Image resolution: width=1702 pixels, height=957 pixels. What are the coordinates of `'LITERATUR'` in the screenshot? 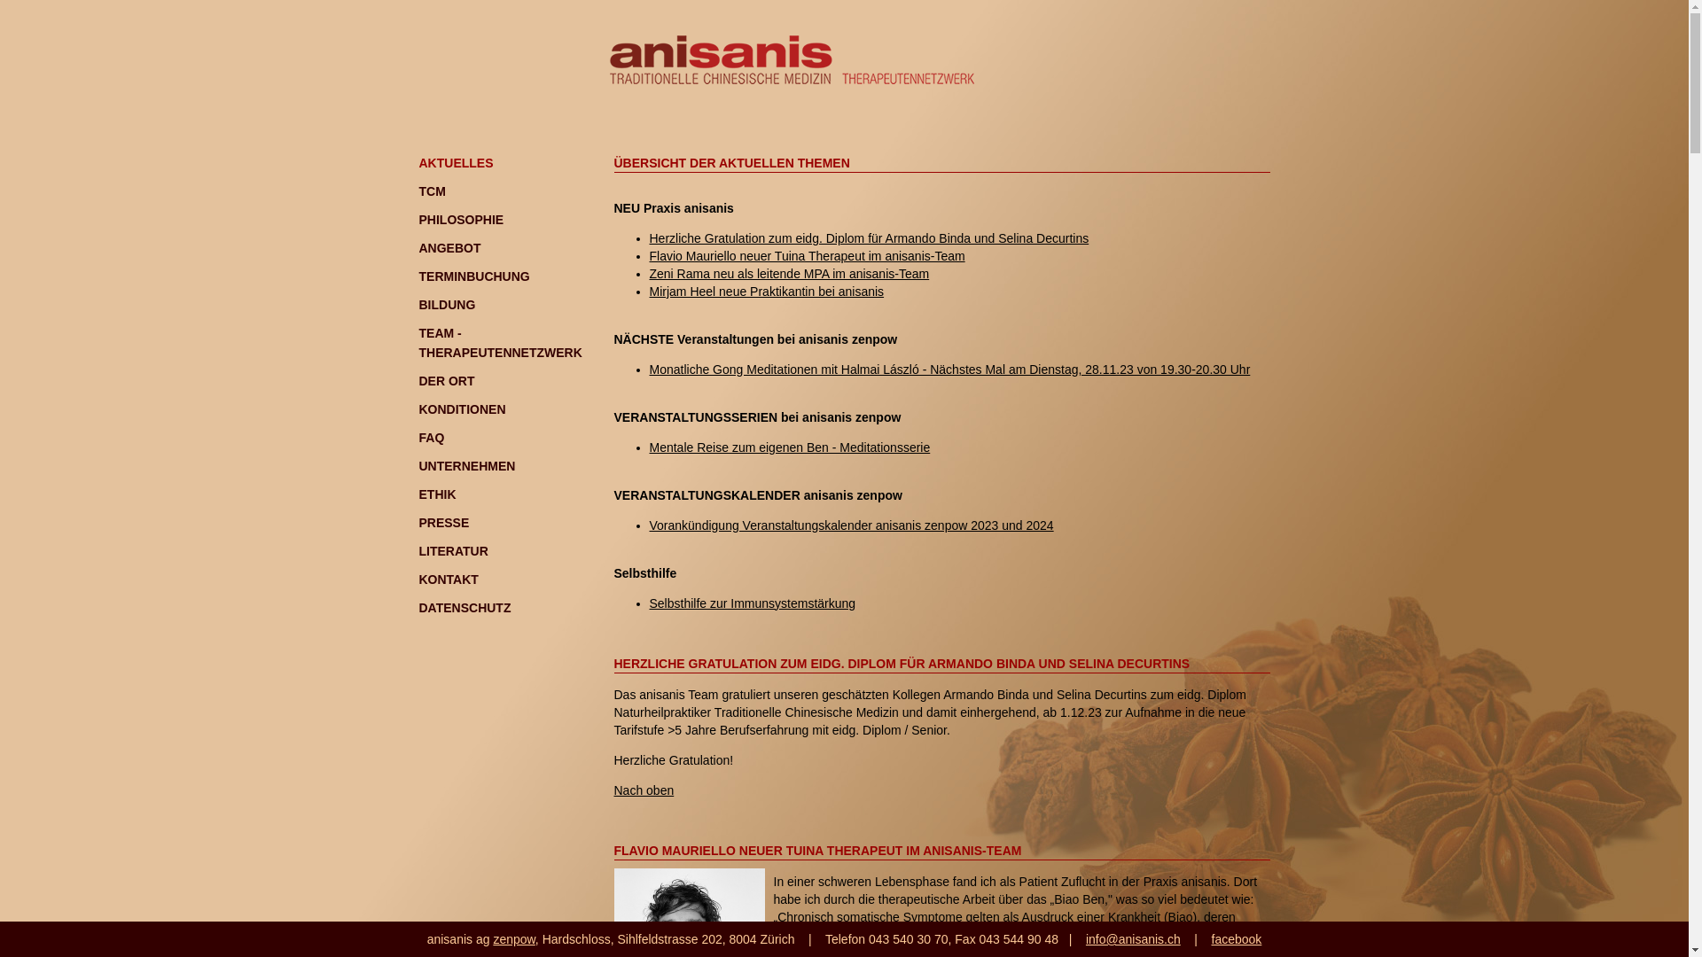 It's located at (417, 549).